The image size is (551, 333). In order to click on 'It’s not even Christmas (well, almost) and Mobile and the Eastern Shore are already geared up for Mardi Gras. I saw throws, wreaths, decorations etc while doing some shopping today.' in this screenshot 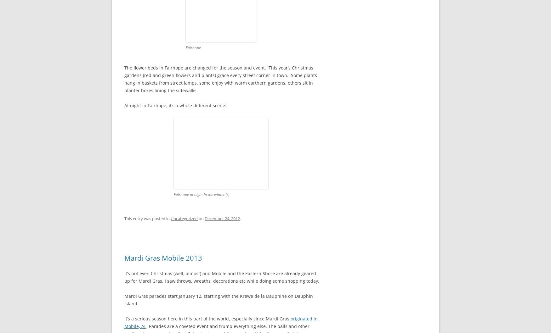, I will do `click(222, 277)`.